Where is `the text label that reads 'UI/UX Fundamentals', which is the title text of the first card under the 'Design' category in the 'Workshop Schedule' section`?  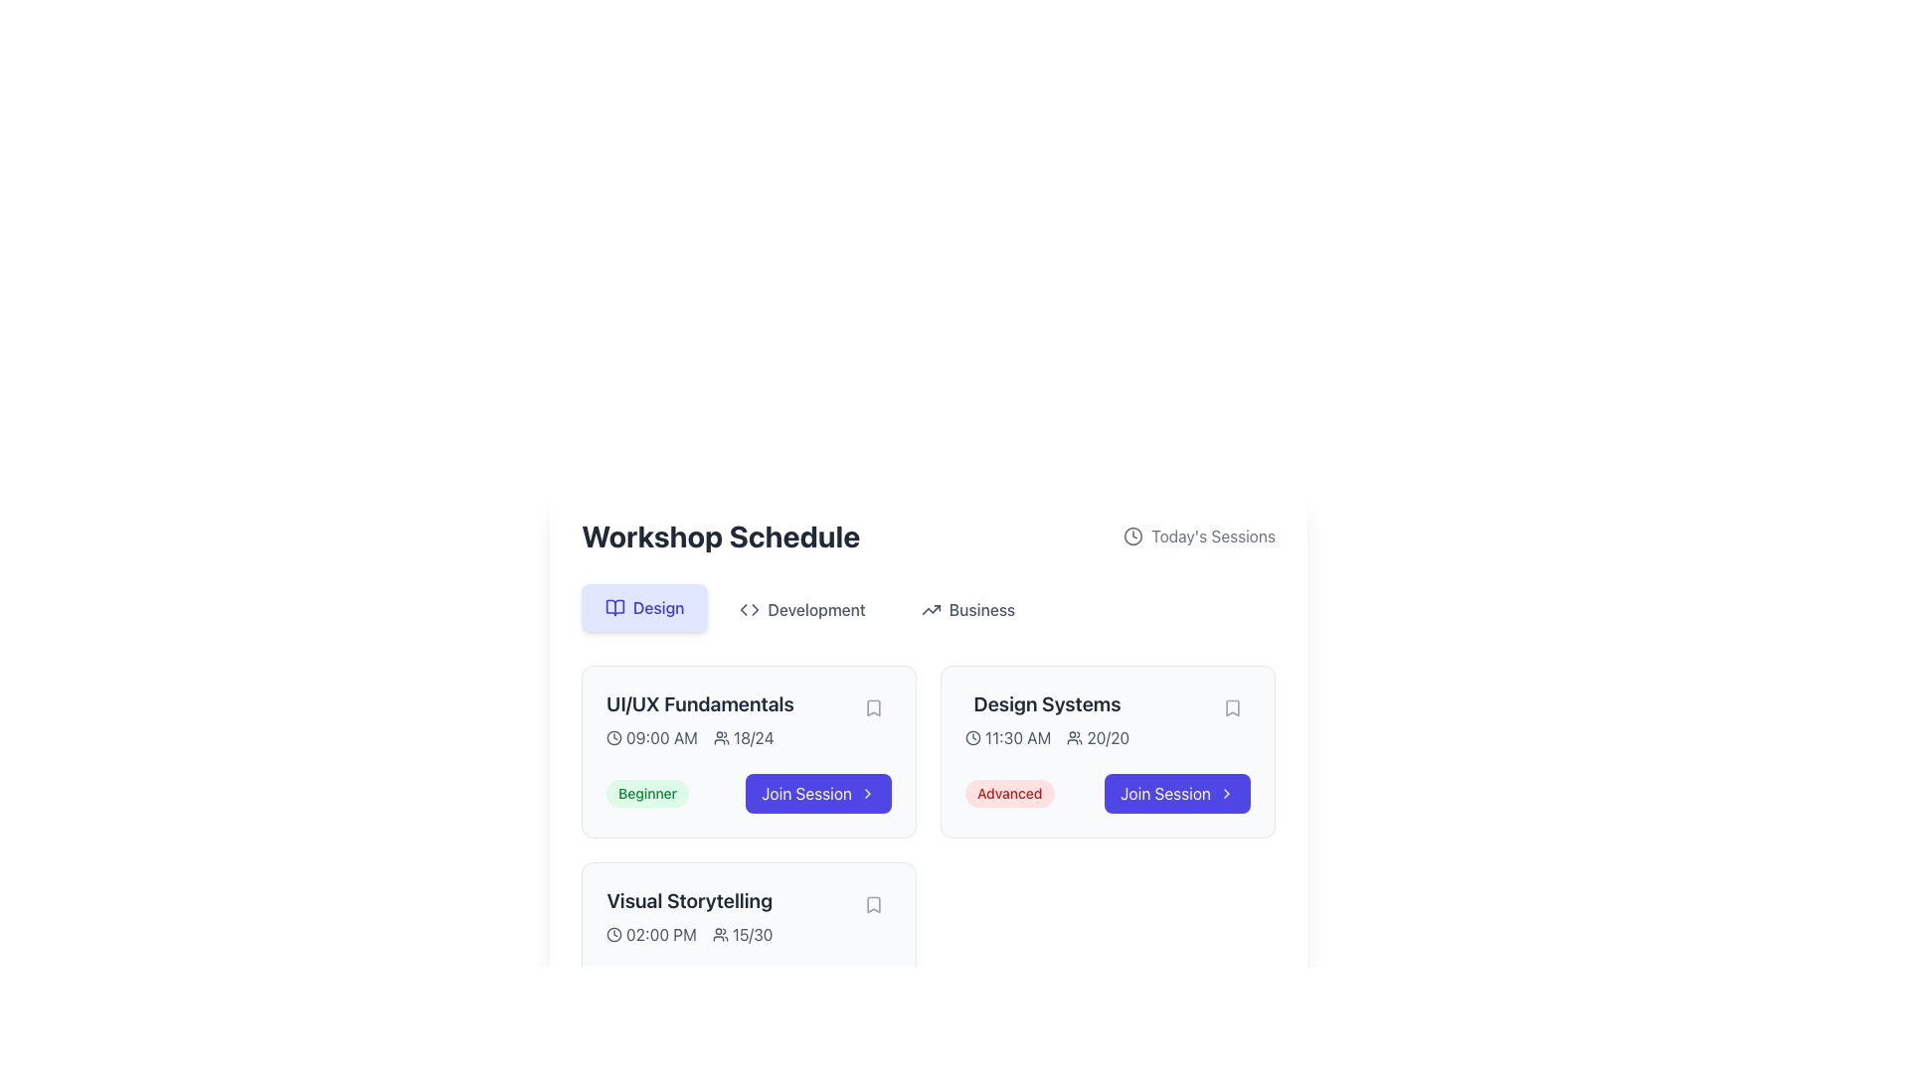
the text label that reads 'UI/UX Fundamentals', which is the title text of the first card under the 'Design' category in the 'Workshop Schedule' section is located at coordinates (700, 703).